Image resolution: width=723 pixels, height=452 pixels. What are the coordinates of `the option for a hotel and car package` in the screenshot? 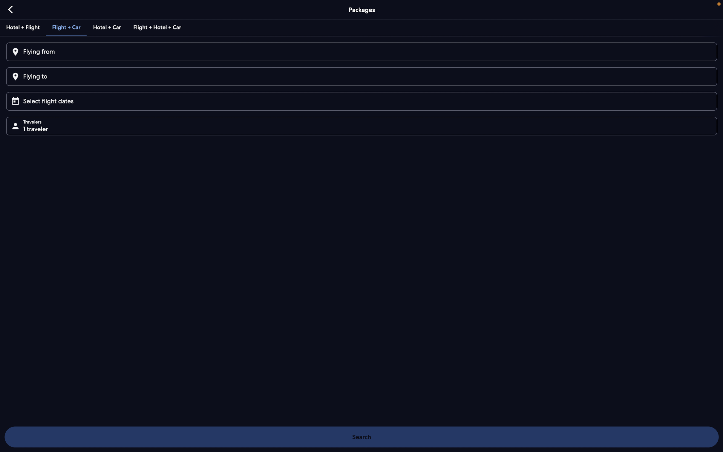 It's located at (107, 26).